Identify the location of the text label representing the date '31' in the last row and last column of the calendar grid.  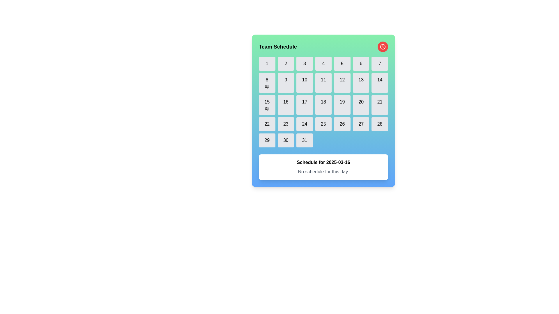
(304, 140).